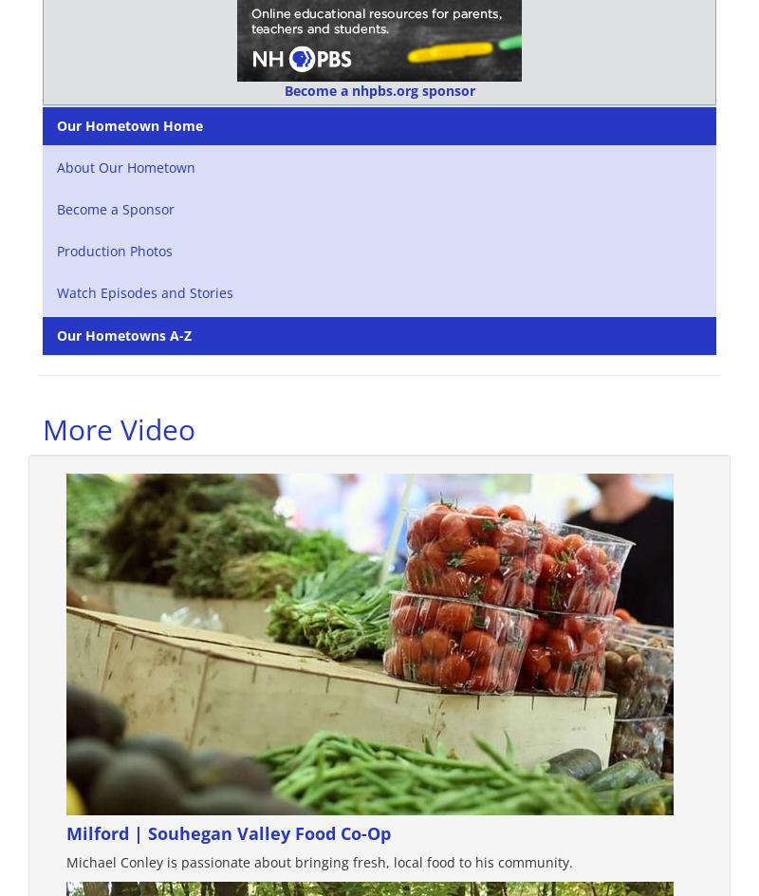  I want to click on 'Become a nhpbs.org sponsor', so click(378, 89).